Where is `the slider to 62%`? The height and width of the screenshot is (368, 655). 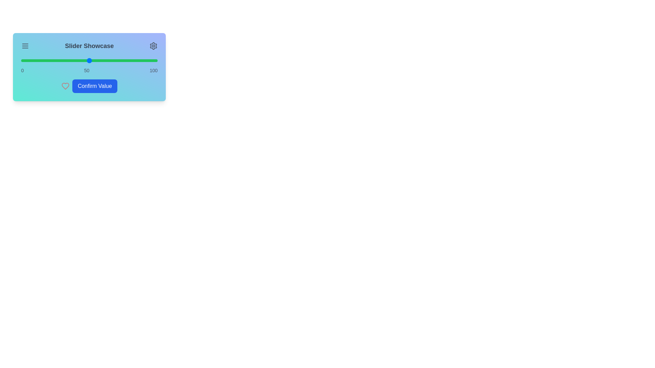
the slider to 62% is located at coordinates (105, 60).